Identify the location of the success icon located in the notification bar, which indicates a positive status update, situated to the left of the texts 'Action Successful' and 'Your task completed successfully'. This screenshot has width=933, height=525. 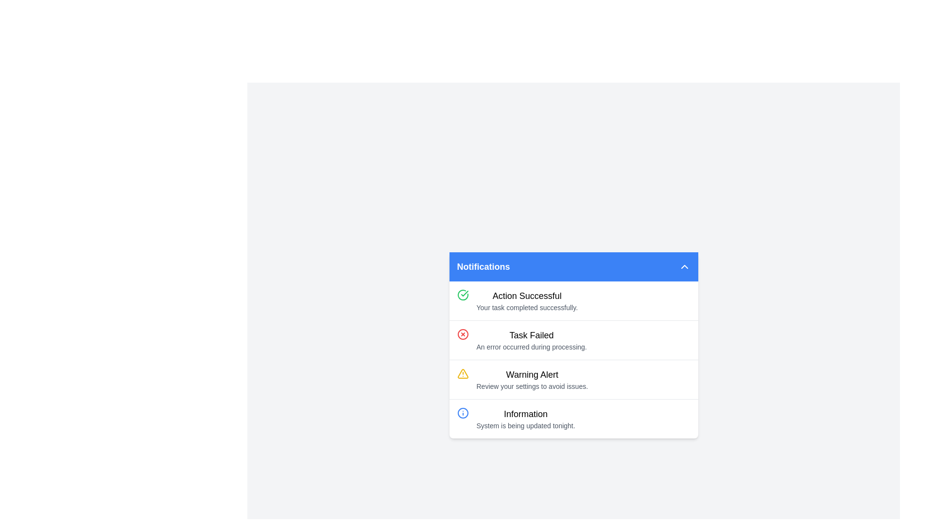
(462, 294).